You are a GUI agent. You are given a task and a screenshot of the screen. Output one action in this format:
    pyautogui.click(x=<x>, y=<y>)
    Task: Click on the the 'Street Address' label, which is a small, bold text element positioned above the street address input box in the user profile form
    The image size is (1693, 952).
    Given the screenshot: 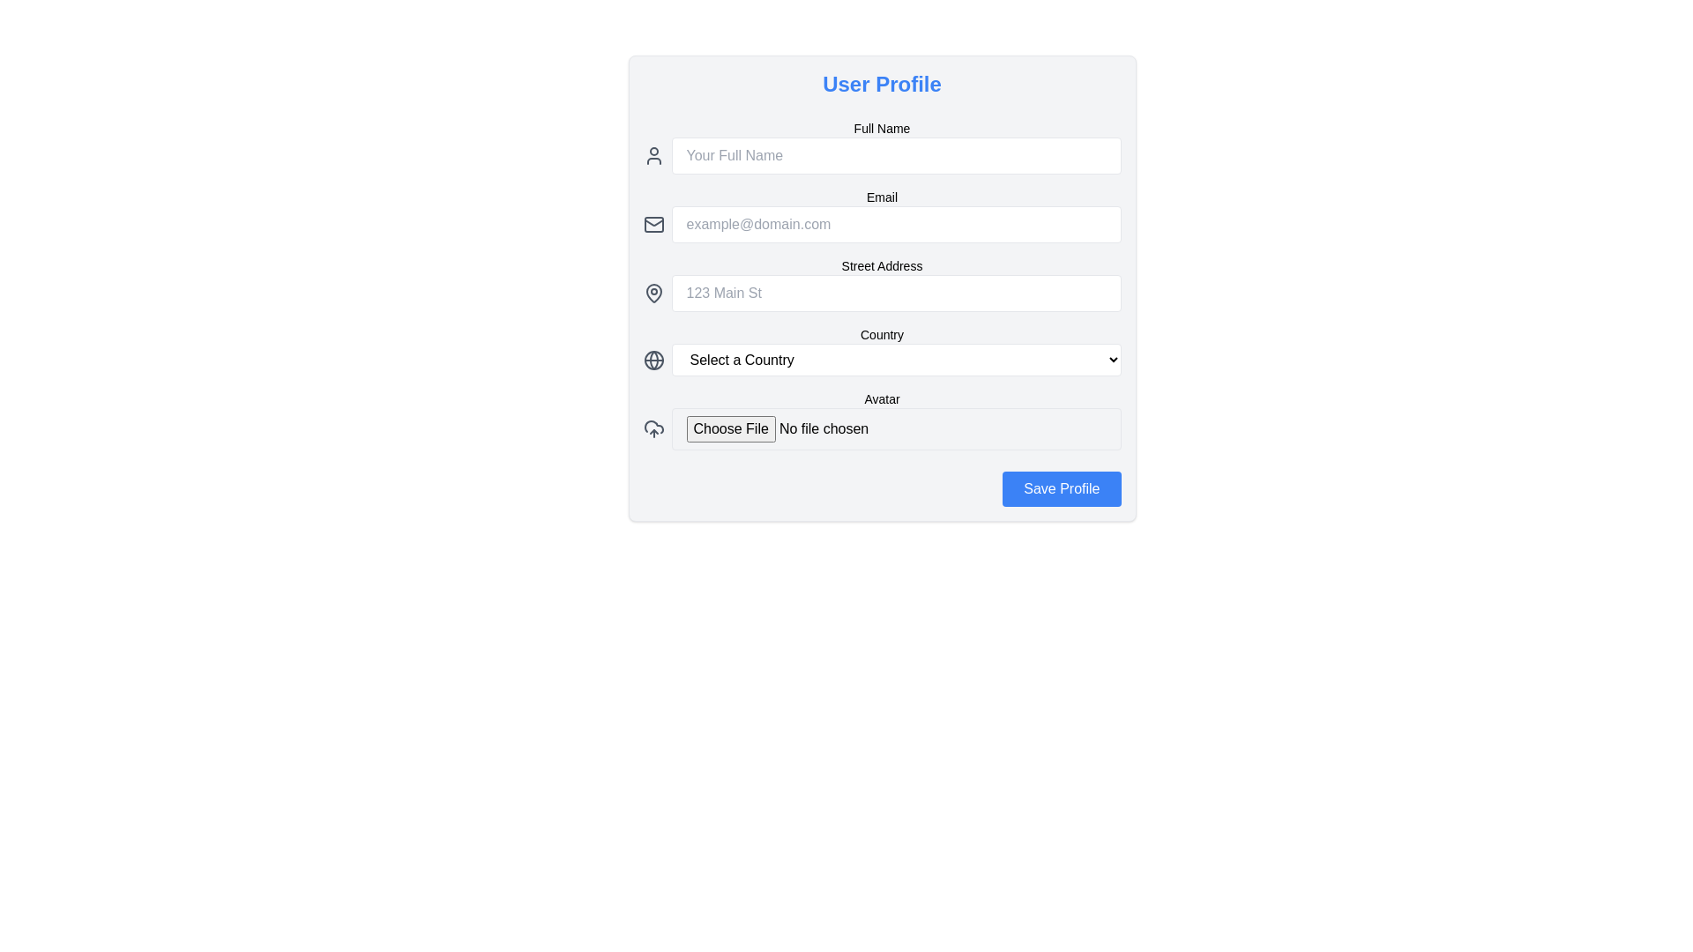 What is the action you would take?
    pyautogui.click(x=882, y=265)
    